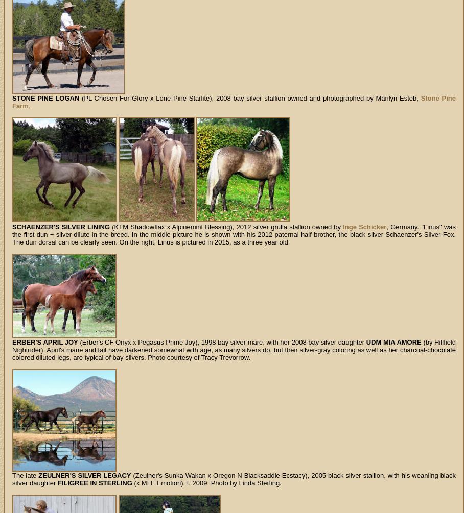 Image resolution: width=464 pixels, height=513 pixels. Describe the element at coordinates (11, 475) in the screenshot. I see `'The late'` at that location.